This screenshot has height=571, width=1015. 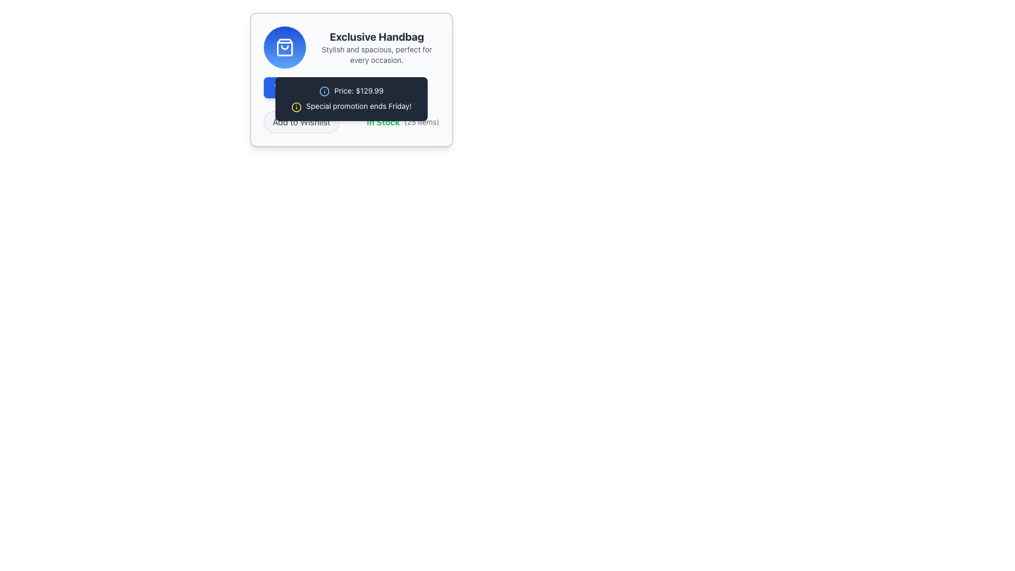 I want to click on the static text element displaying 'Stylish and spacious, perfect for every occasion.' which is located beneath the title 'Exclusive Handbag', so click(x=377, y=55).